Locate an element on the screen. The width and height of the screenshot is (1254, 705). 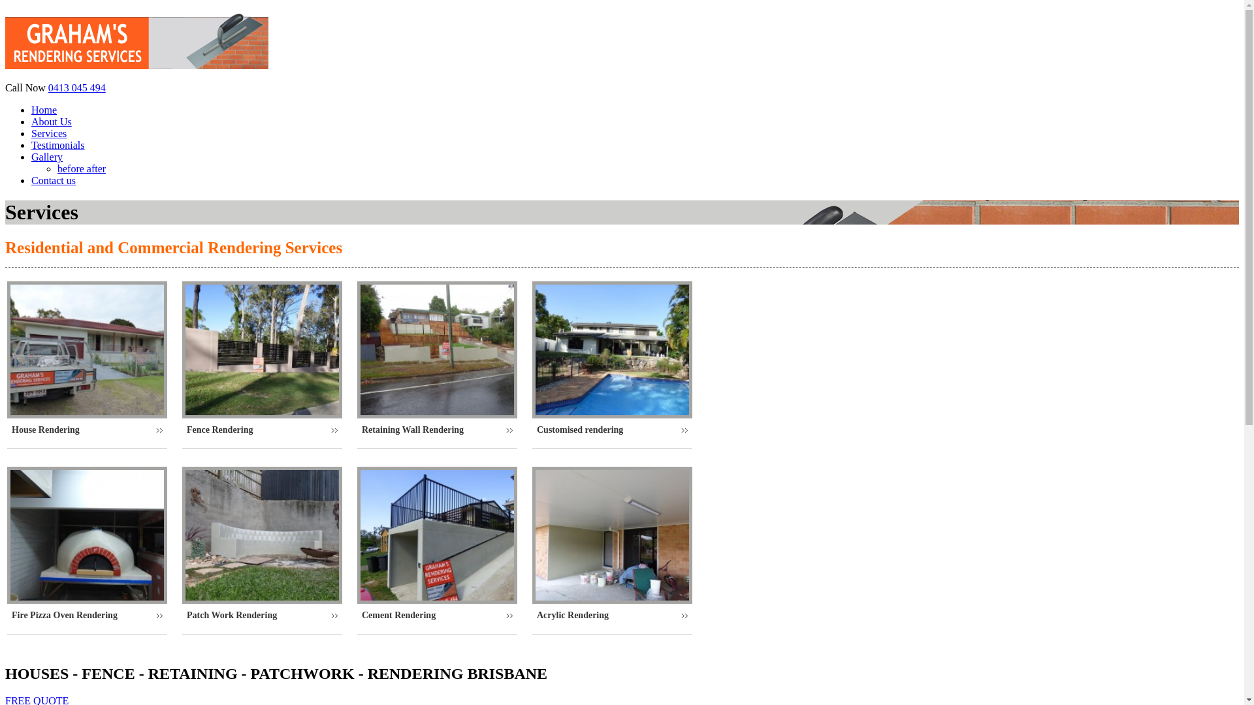
'House Rendering' is located at coordinates (86, 430).